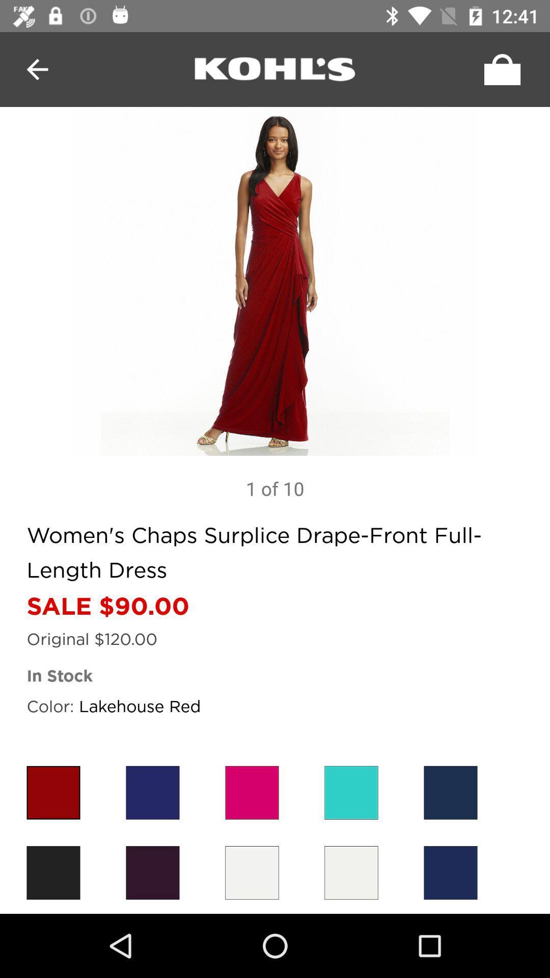 The image size is (550, 978). I want to click on go do couler, so click(351, 792).